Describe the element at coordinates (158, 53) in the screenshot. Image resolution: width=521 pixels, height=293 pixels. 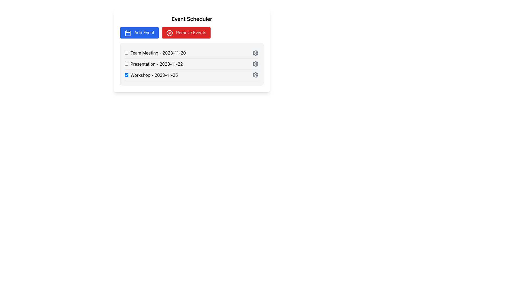
I see `the Text Label that describes a scheduled event, located below the title 'Event Scheduler' and adjacent to a checkbox` at that location.